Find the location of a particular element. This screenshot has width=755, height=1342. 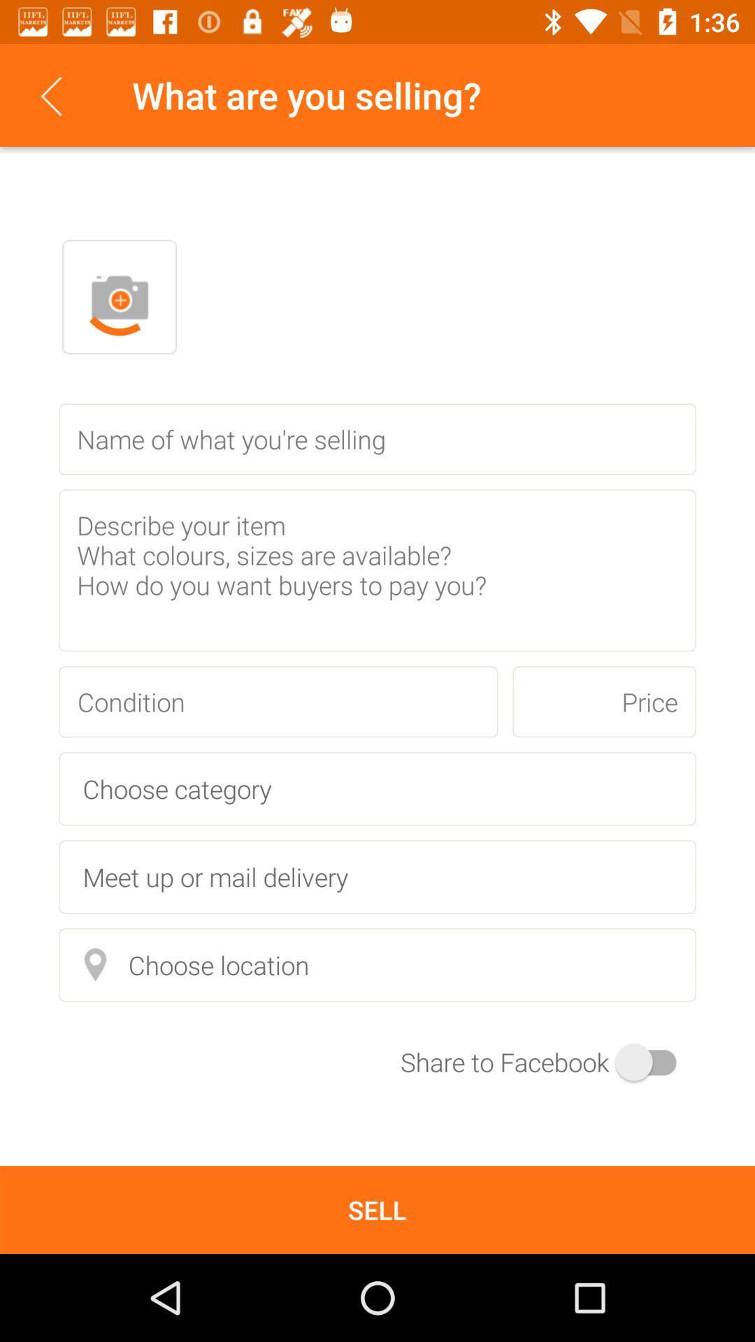

item next to the what are you is located at coordinates (50, 94).